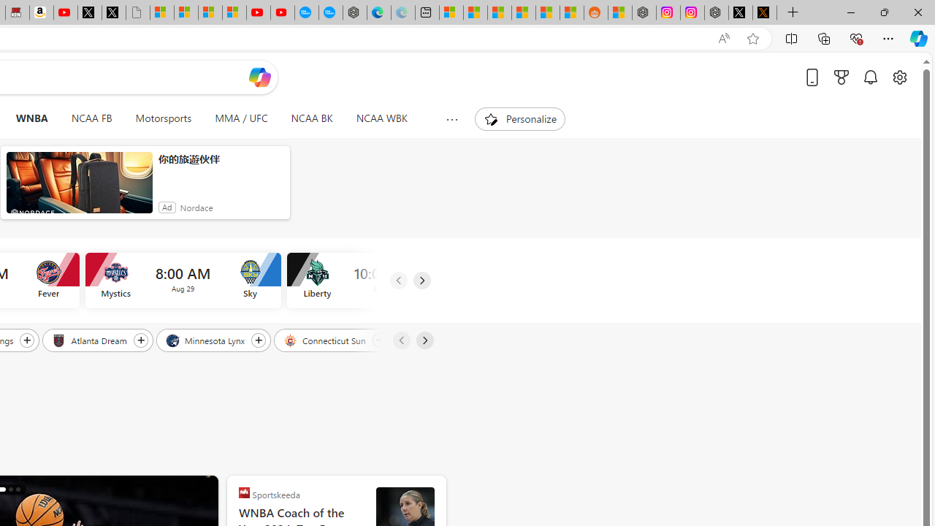 This screenshot has width=935, height=526. I want to click on 'NCAA FB', so click(91, 118).